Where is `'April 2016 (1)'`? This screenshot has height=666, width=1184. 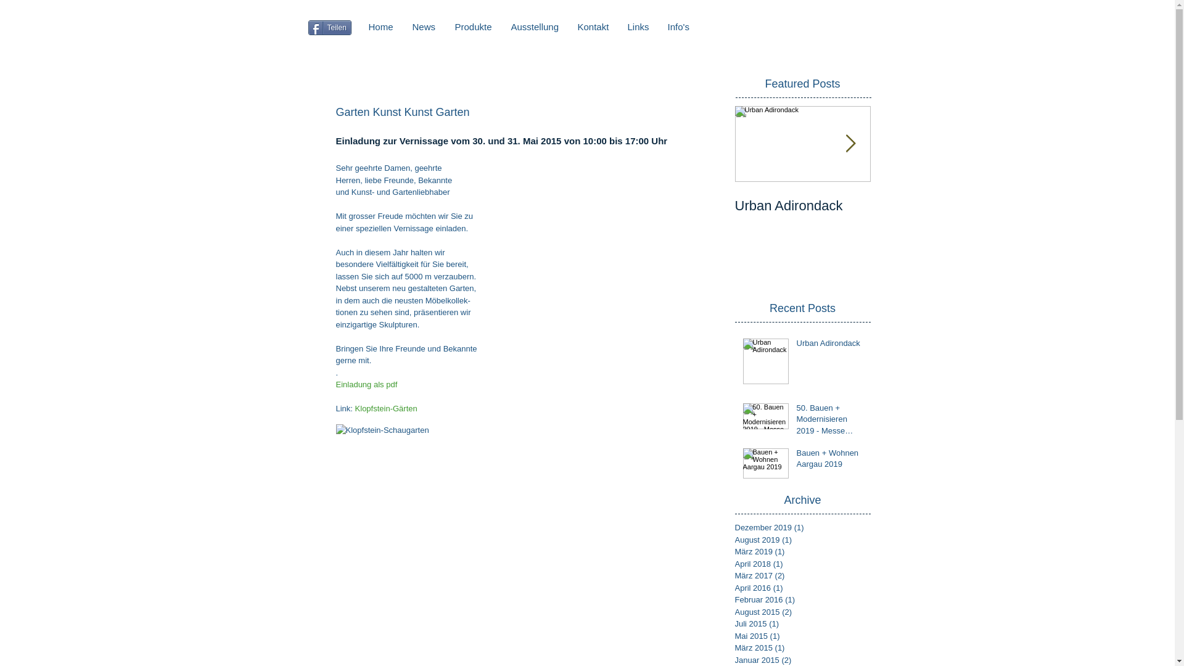
'April 2016 (1)' is located at coordinates (799, 587).